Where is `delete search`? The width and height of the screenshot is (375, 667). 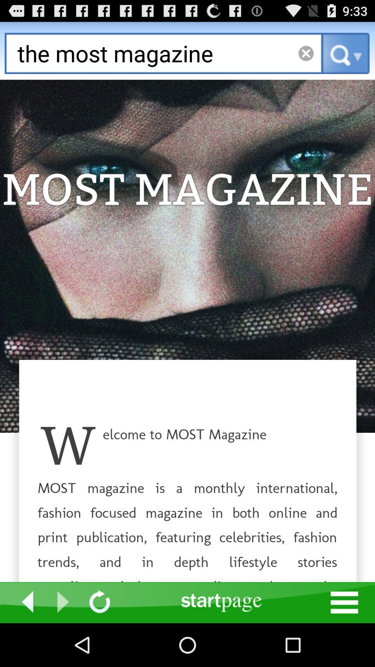 delete search is located at coordinates (306, 53).